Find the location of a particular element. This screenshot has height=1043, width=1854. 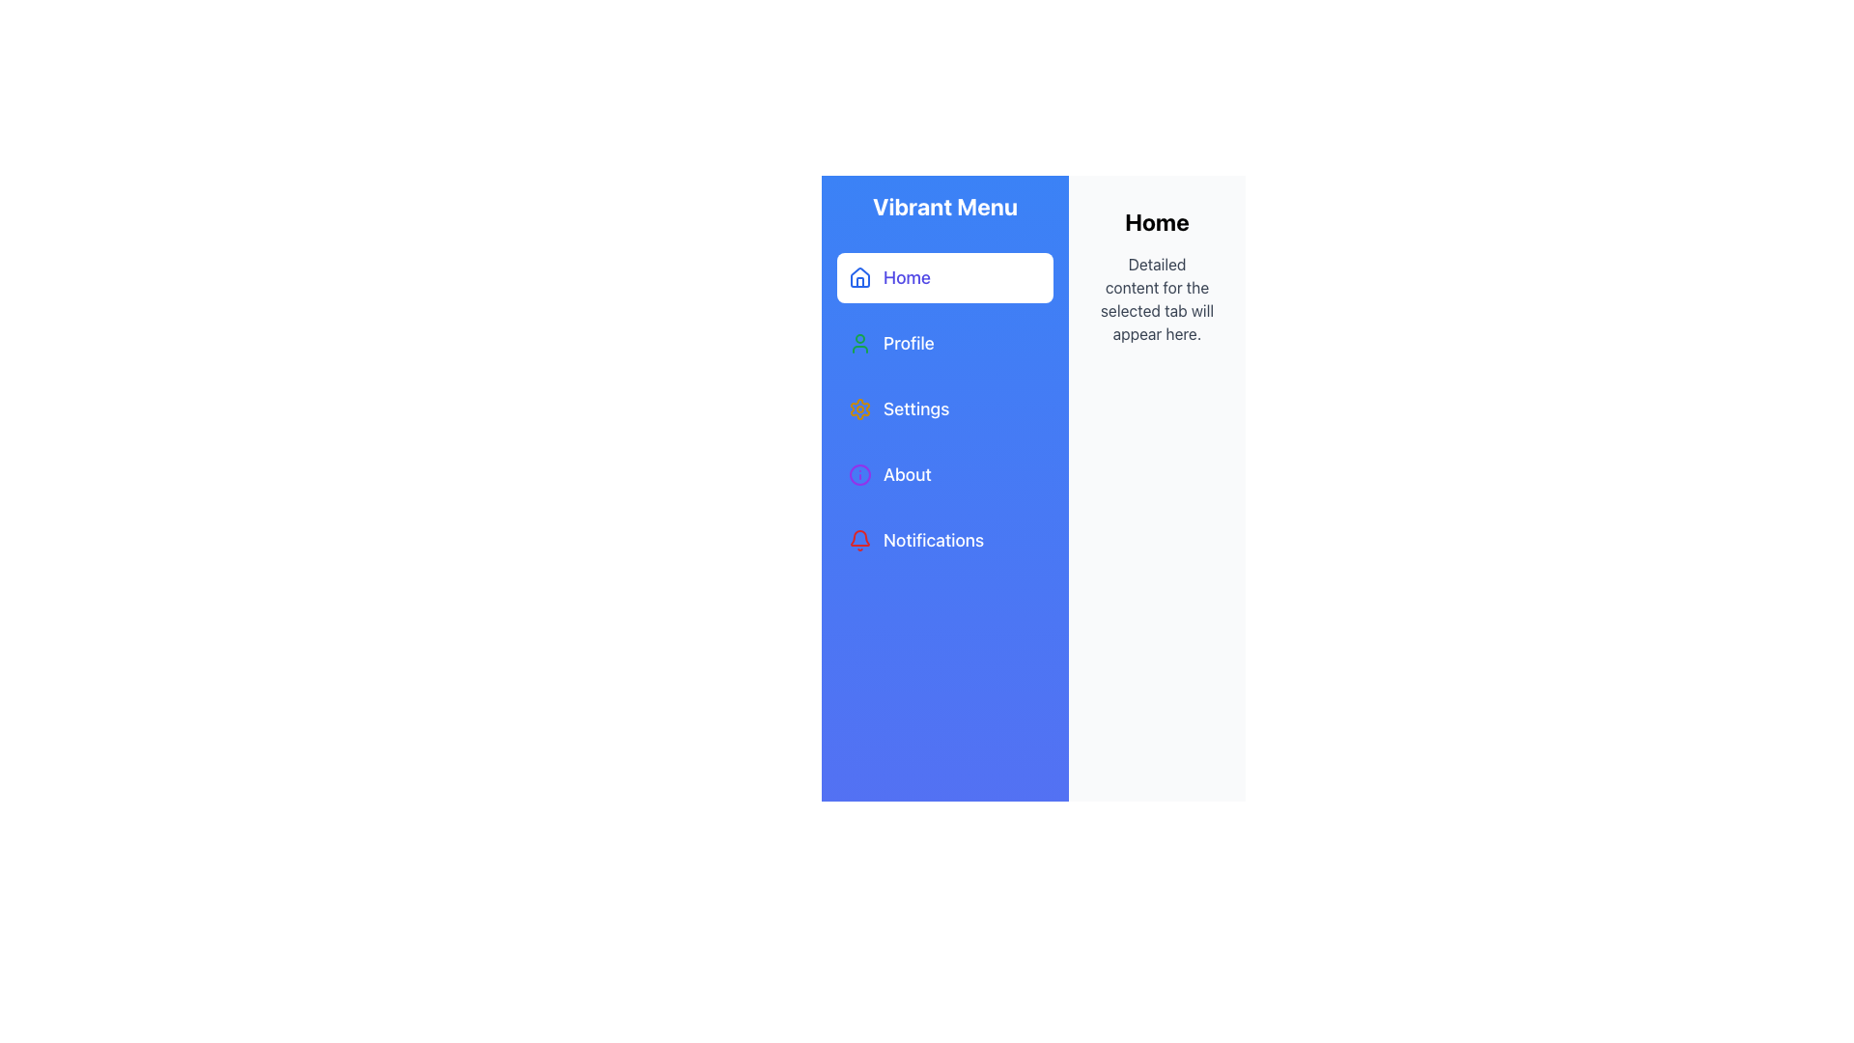

the 'Profile' text label in the blue menu strip is located at coordinates (908, 342).